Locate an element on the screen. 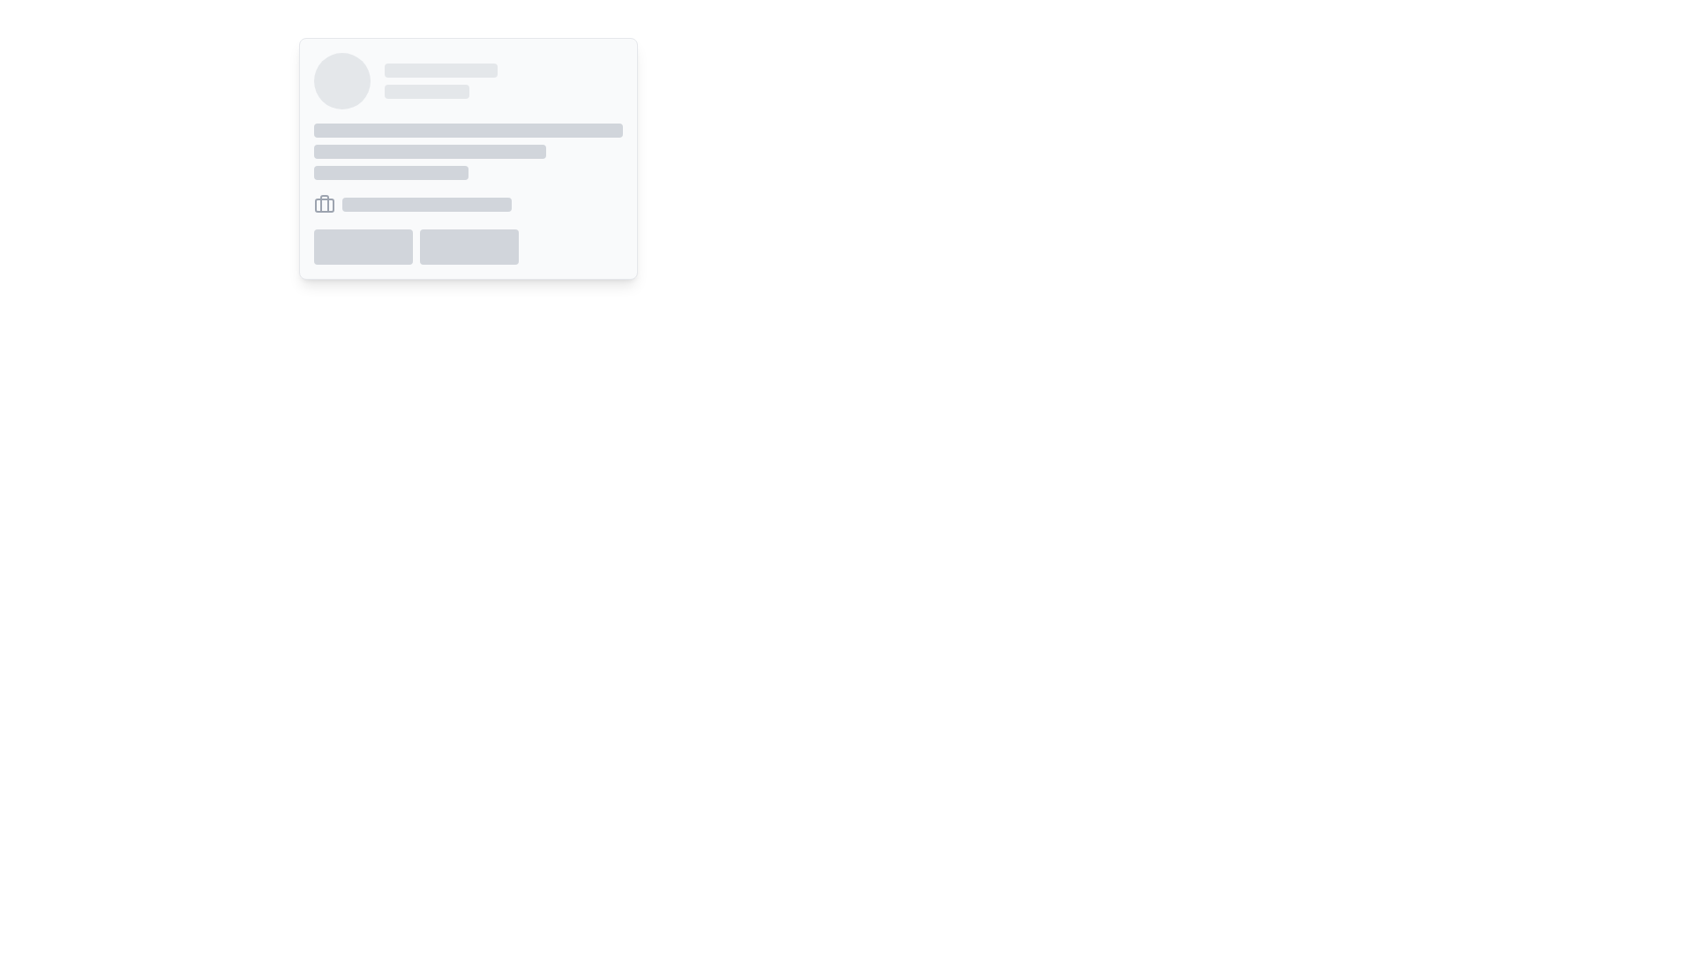 This screenshot has height=953, width=1694. the decorative or placeholder rectangle positioned in the central-upper region of the visible card layout, aligned to the right of an icon group is located at coordinates (427, 203).